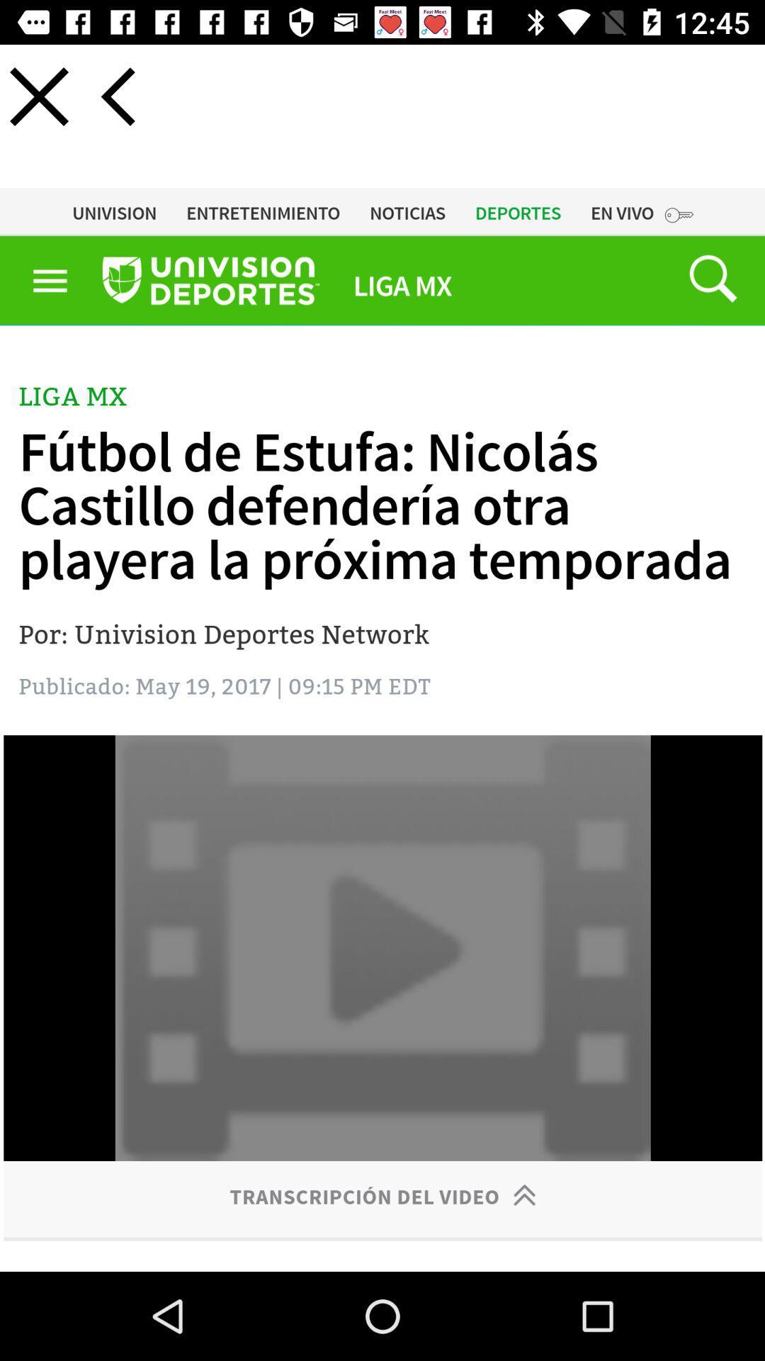 Image resolution: width=765 pixels, height=1361 pixels. What do you see at coordinates (117, 96) in the screenshot?
I see `the arrow_backward icon` at bounding box center [117, 96].